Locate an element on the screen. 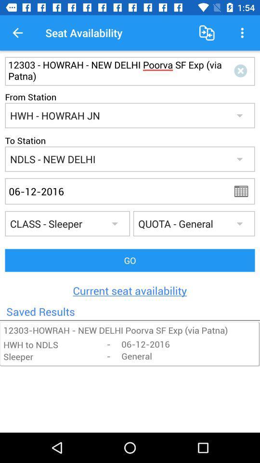 This screenshot has height=463, width=260. the close icon is located at coordinates (242, 70).